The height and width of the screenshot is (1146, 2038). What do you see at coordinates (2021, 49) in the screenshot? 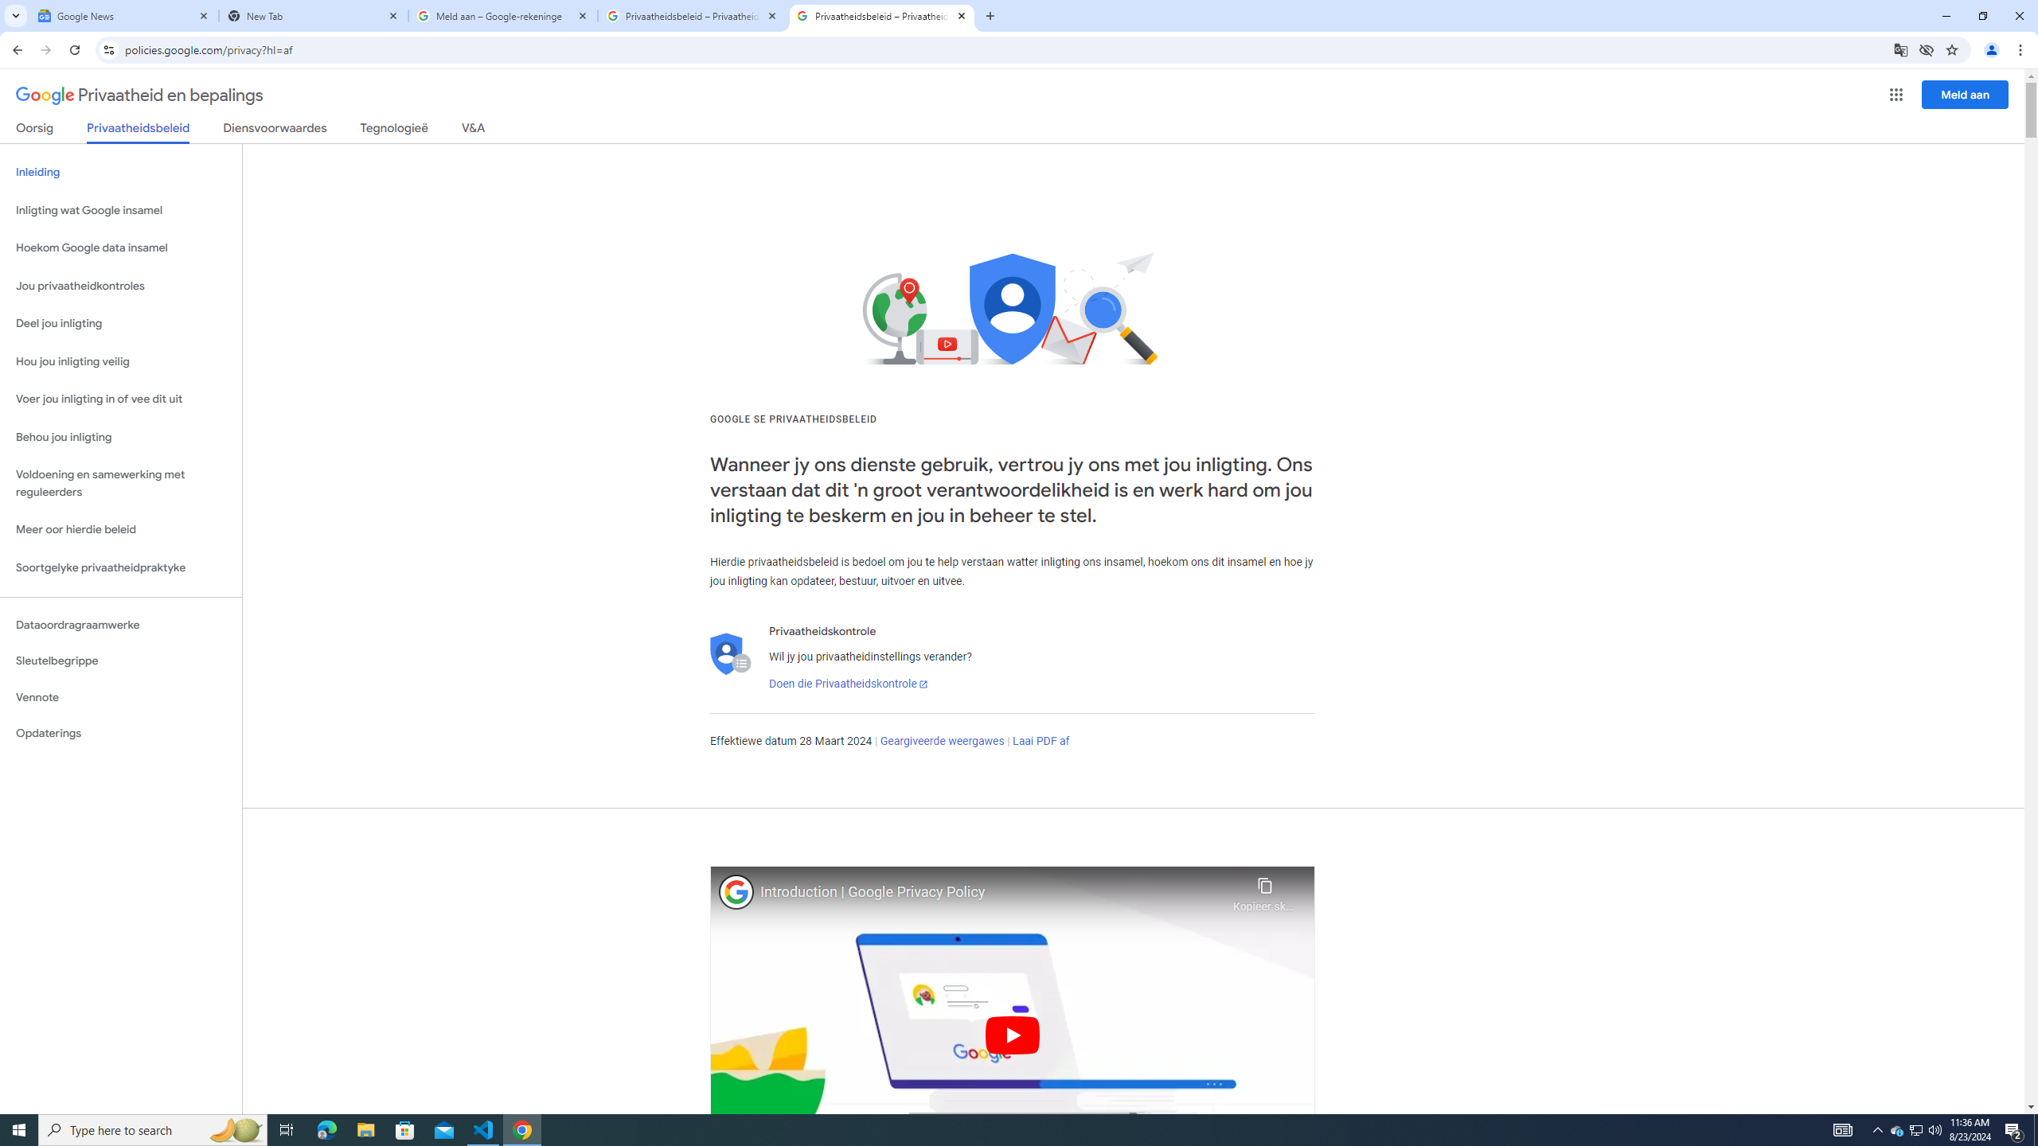
I see `'Chrome'` at bounding box center [2021, 49].